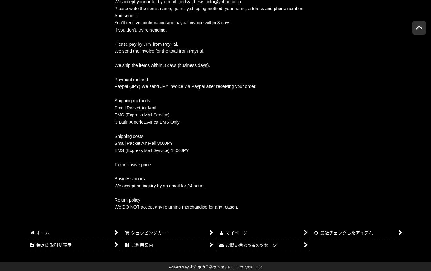  Describe the element at coordinates (141, 114) in the screenshot. I see `'EMS (Express Mail Service)'` at that location.